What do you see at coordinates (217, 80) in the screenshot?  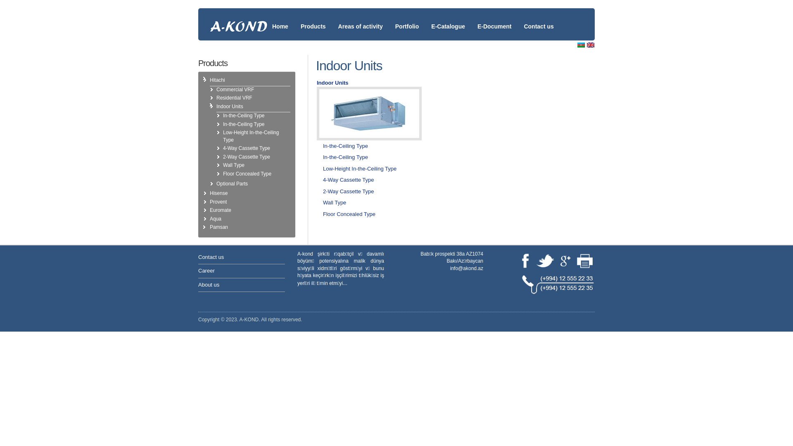 I see `'Hitachi'` at bounding box center [217, 80].